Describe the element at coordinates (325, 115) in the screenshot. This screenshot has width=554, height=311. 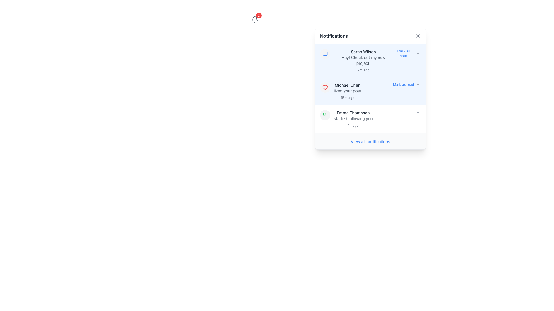
I see `the small, circular button with a light gray background and a green user-plus icon, which is located to the left of the notification text 'Emma Thompson started following you 1h ago'` at that location.